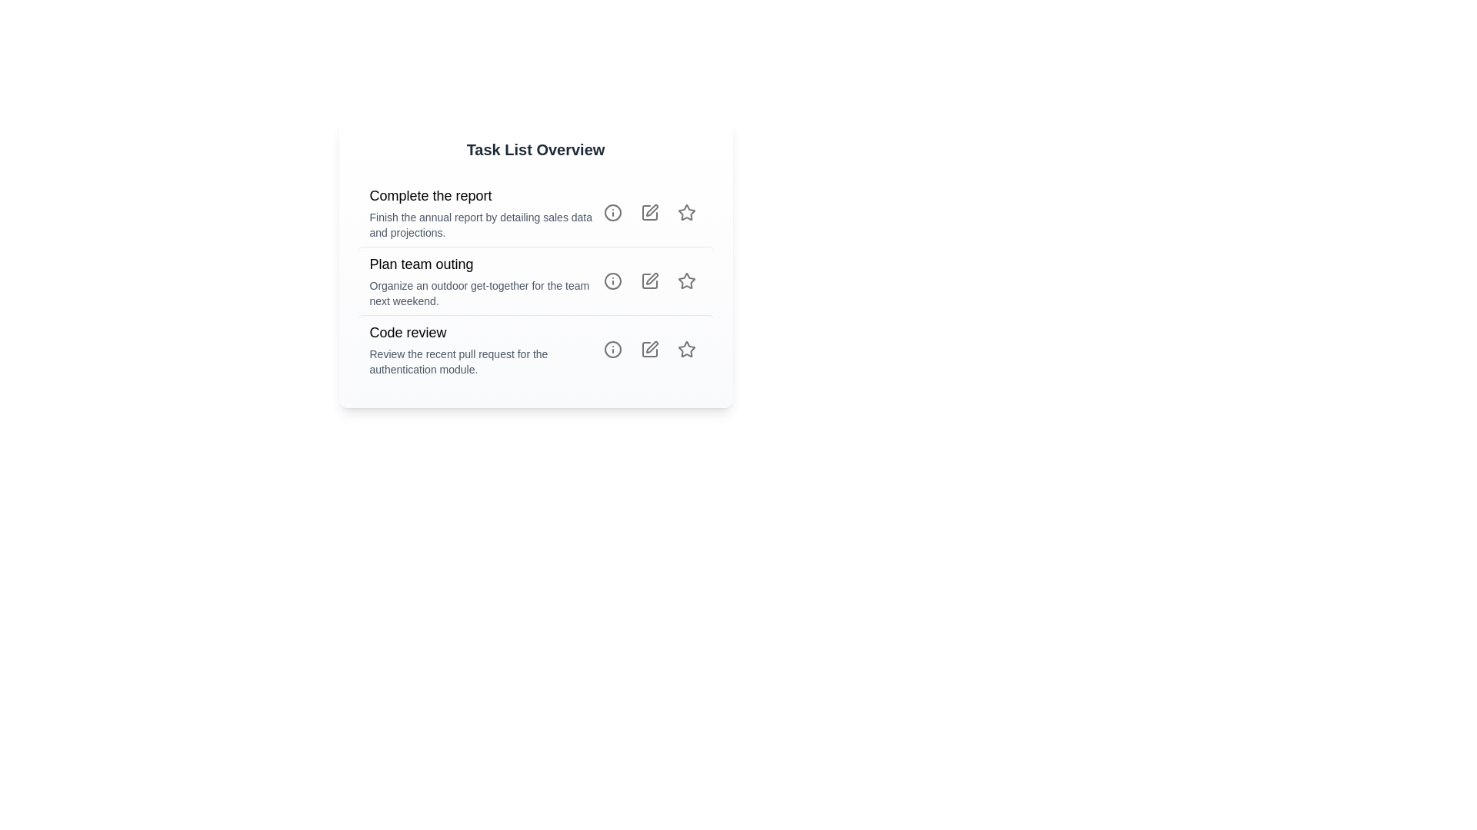  Describe the element at coordinates (685, 350) in the screenshot. I see `the star-shaped icon with a hollow center and gray outline located at the far right end of the third row in the task list` at that location.